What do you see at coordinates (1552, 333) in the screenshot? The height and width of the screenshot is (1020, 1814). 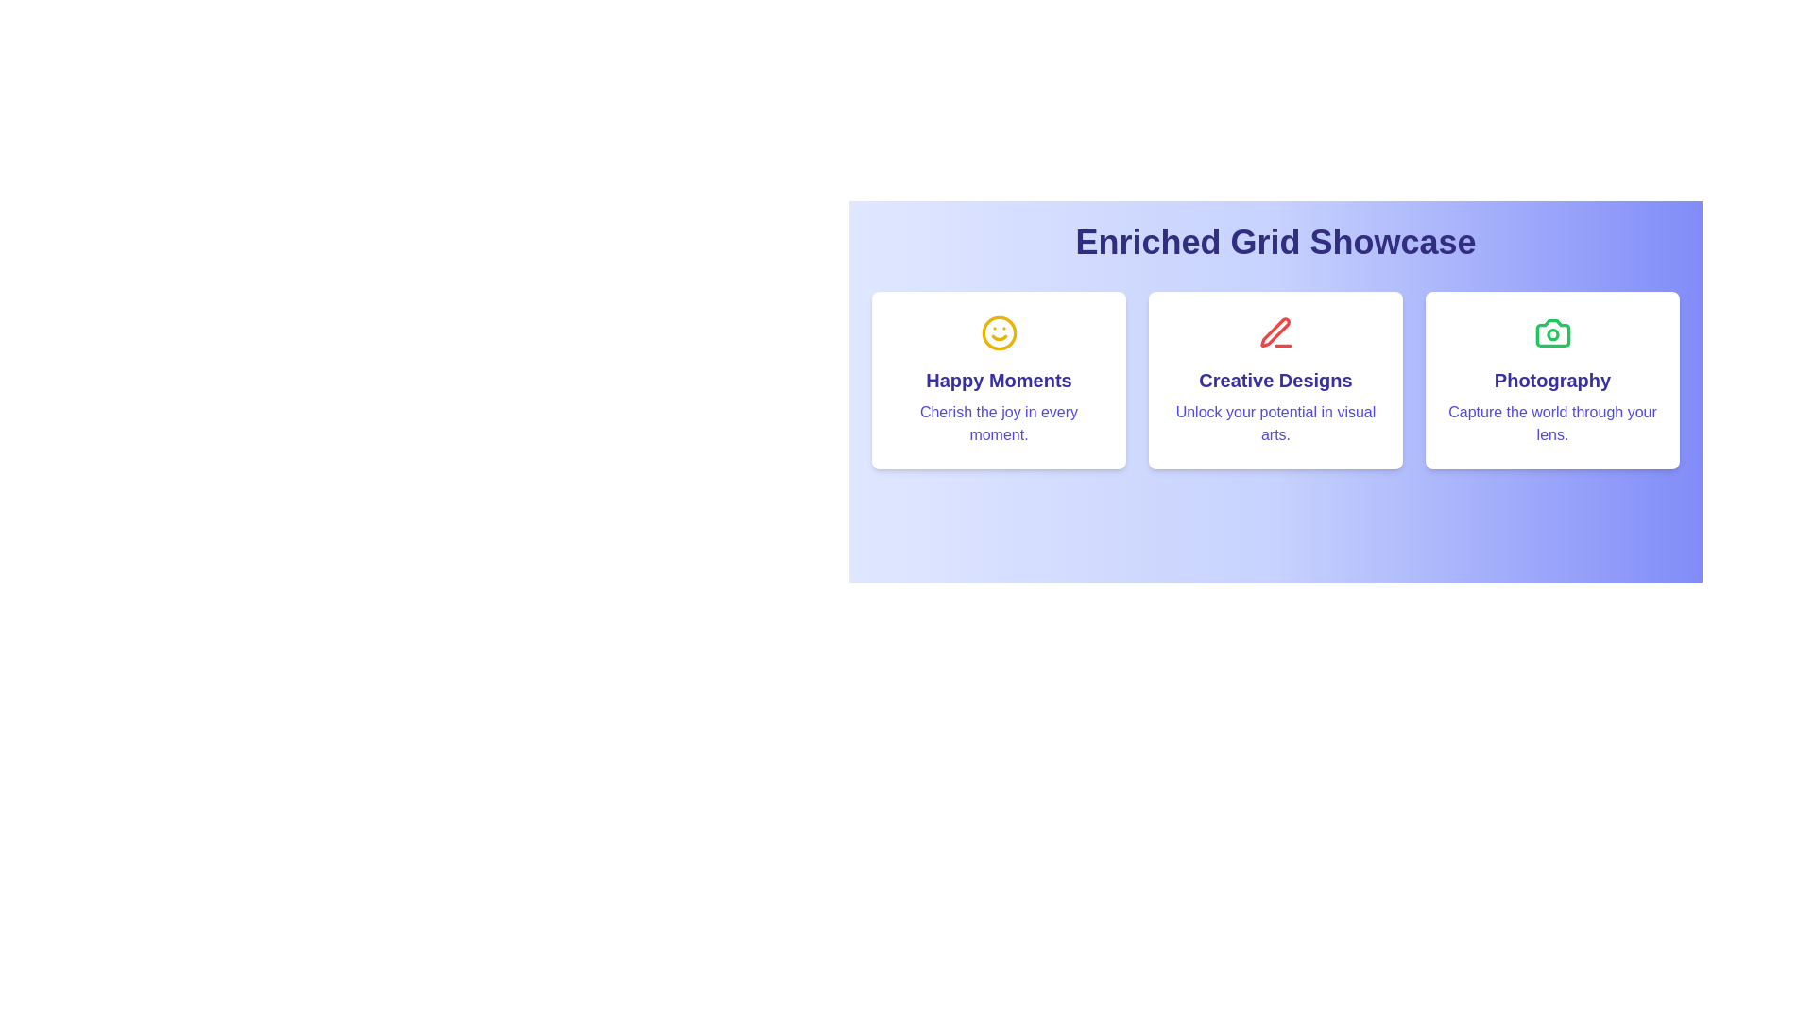 I see `the decorative circle in the center of the camera icon located within the third card labeled 'Photography' in the grid showcase section` at bounding box center [1552, 333].